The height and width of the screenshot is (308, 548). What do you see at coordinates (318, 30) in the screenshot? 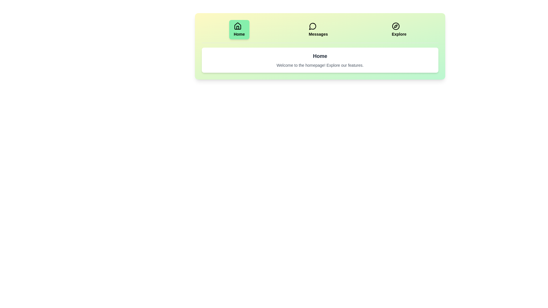
I see `the Messages tab` at bounding box center [318, 30].